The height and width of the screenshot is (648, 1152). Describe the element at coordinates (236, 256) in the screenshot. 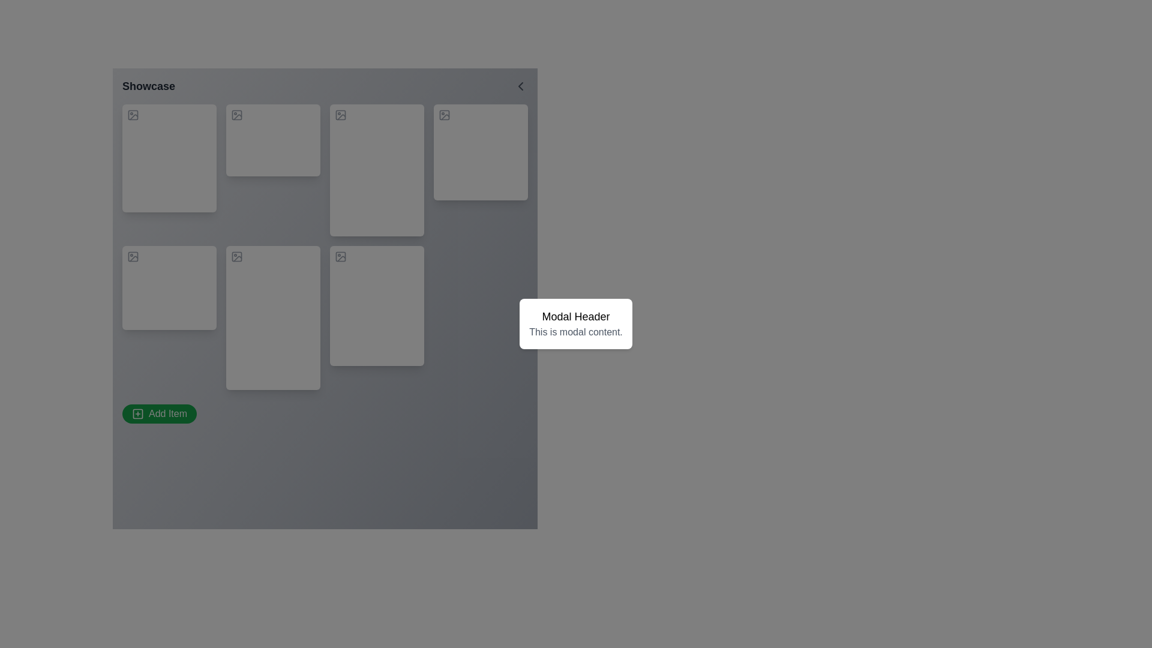

I see `the SVG icon that serves as an image placeholder located in the top-left corner of a rectangular card in the 'Showcase' section, specifically in the left column of the second row` at that location.